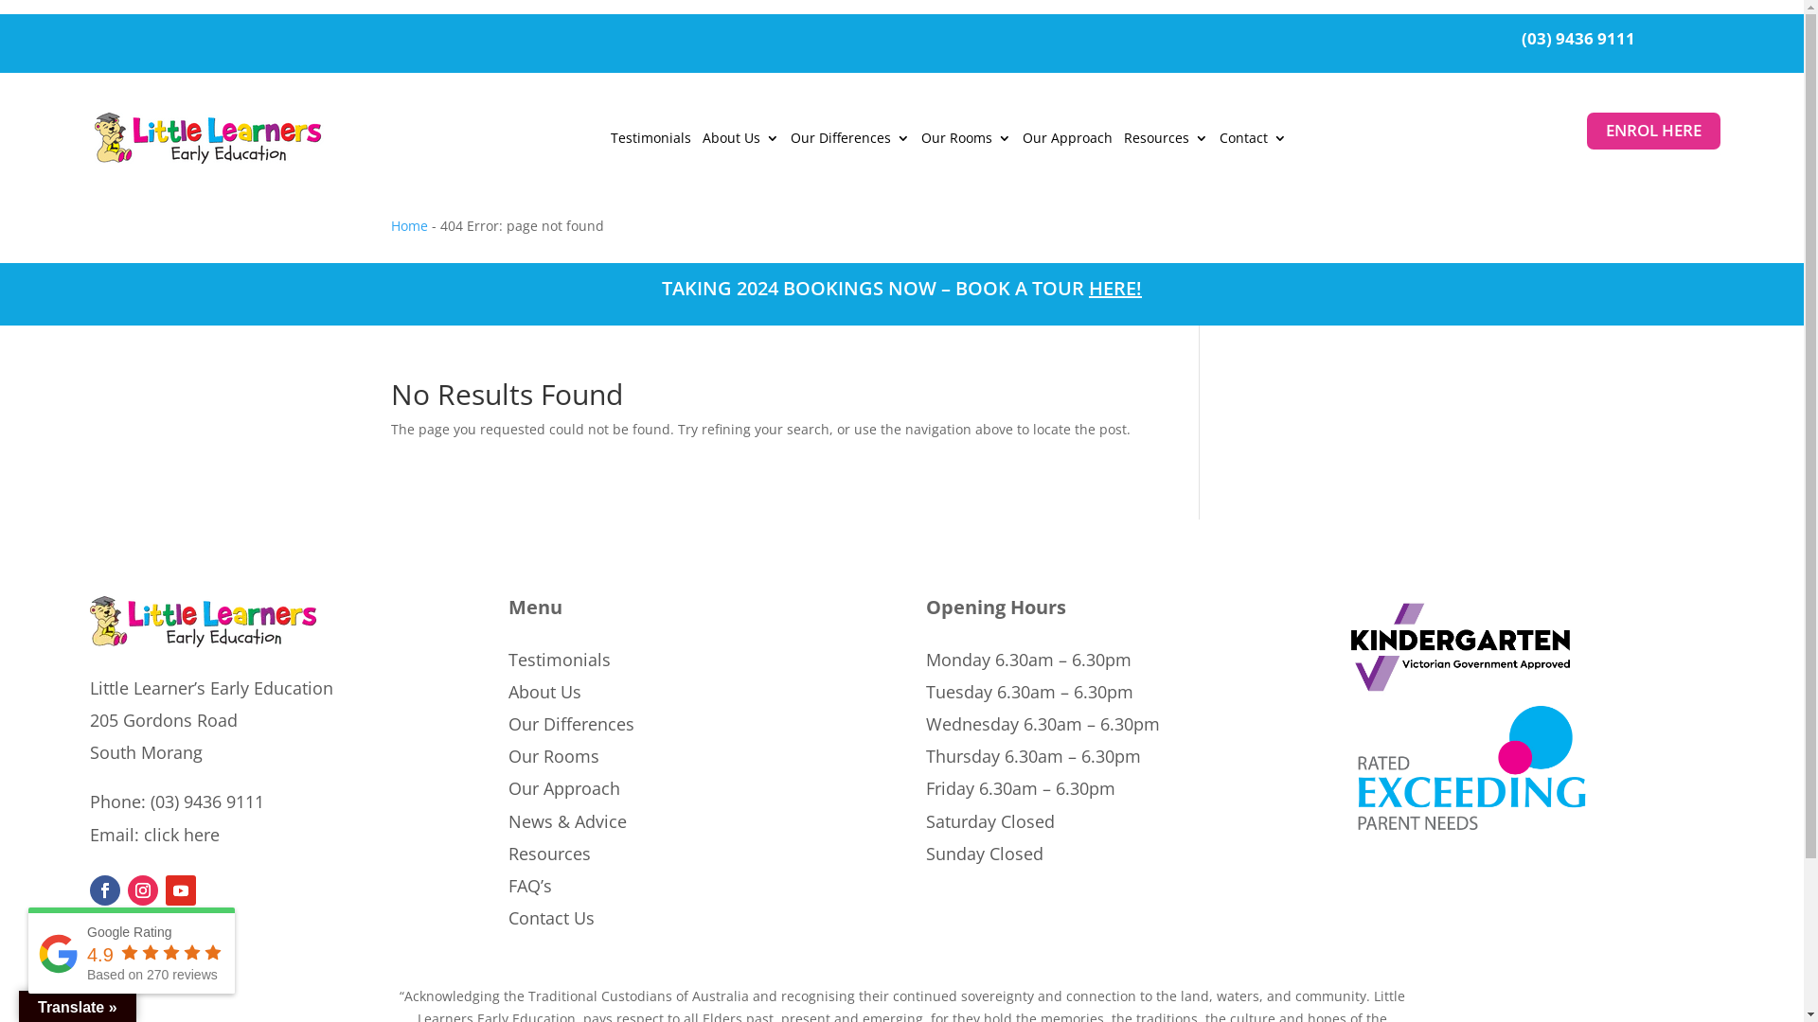  I want to click on 'Our Rooms', so click(966, 141).